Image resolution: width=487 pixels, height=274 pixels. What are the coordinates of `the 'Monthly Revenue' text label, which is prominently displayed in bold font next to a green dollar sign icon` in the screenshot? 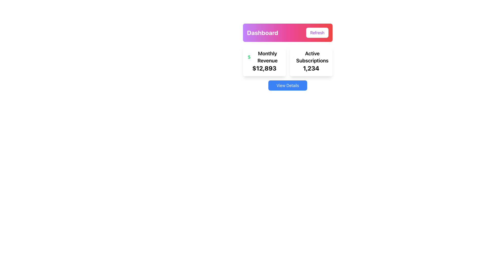 It's located at (264, 57).